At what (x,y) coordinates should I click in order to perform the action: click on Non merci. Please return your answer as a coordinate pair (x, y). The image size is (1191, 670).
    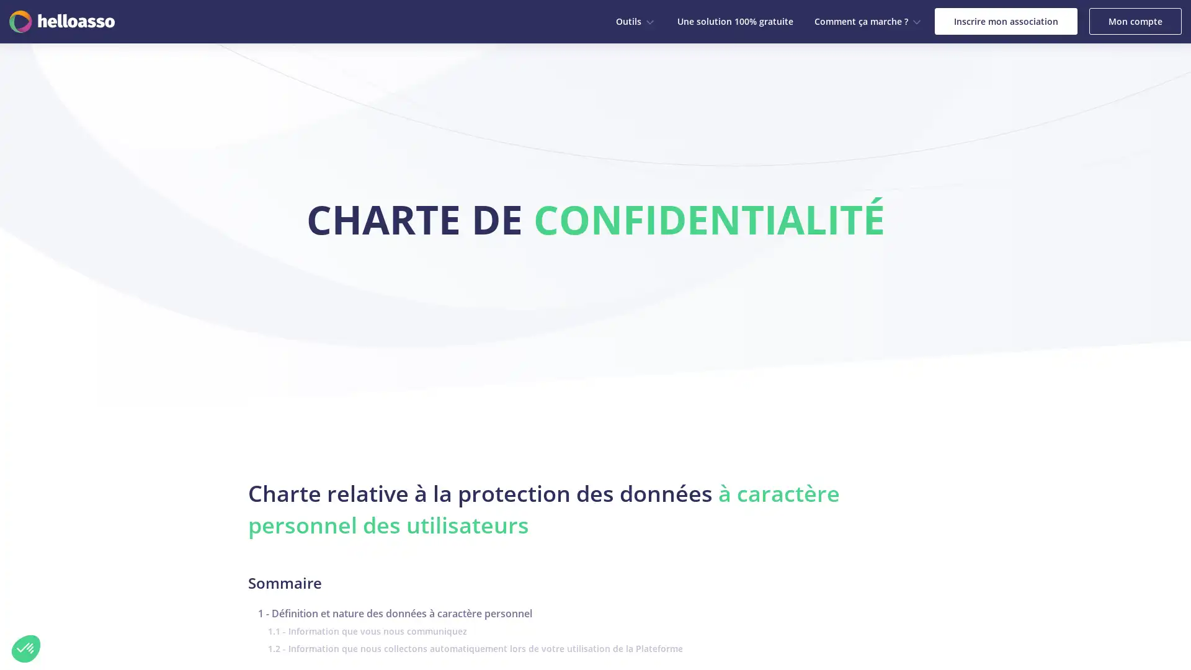
    Looking at the image, I should click on (26, 648).